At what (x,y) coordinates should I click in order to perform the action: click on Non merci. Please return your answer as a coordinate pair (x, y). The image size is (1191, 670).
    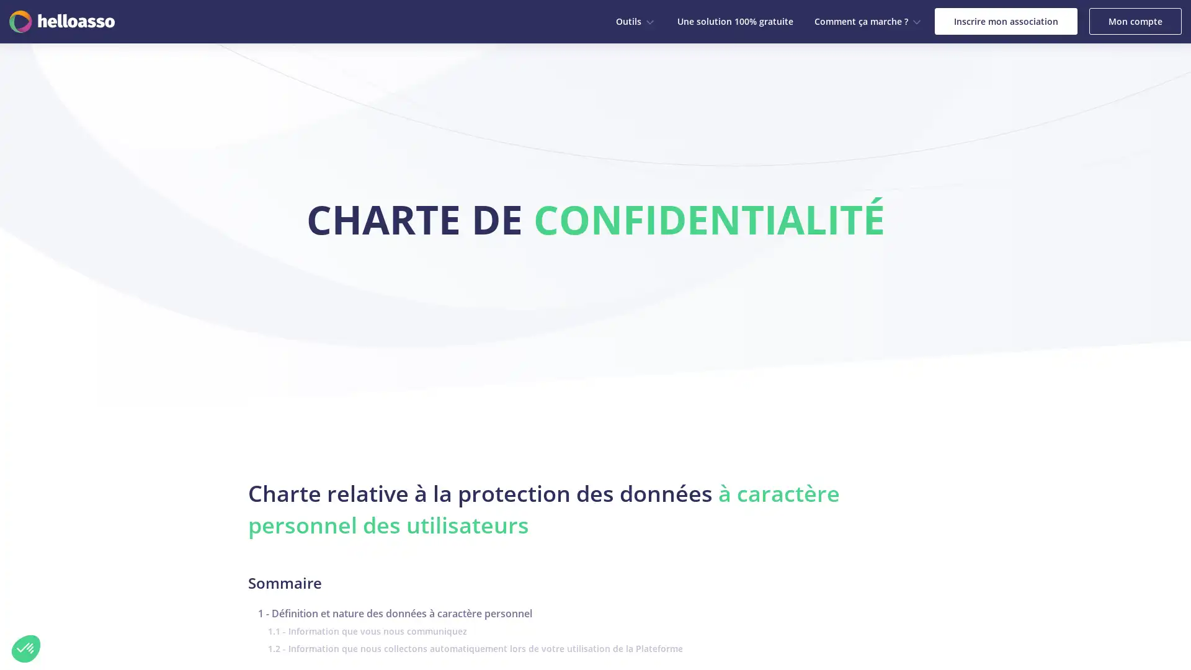
    Looking at the image, I should click on (26, 648).